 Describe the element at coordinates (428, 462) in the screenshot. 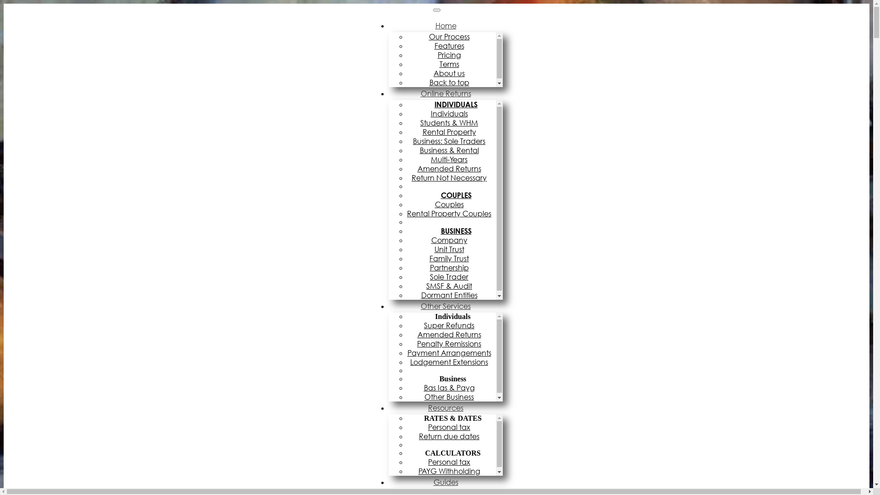

I see `'Personal tax'` at that location.